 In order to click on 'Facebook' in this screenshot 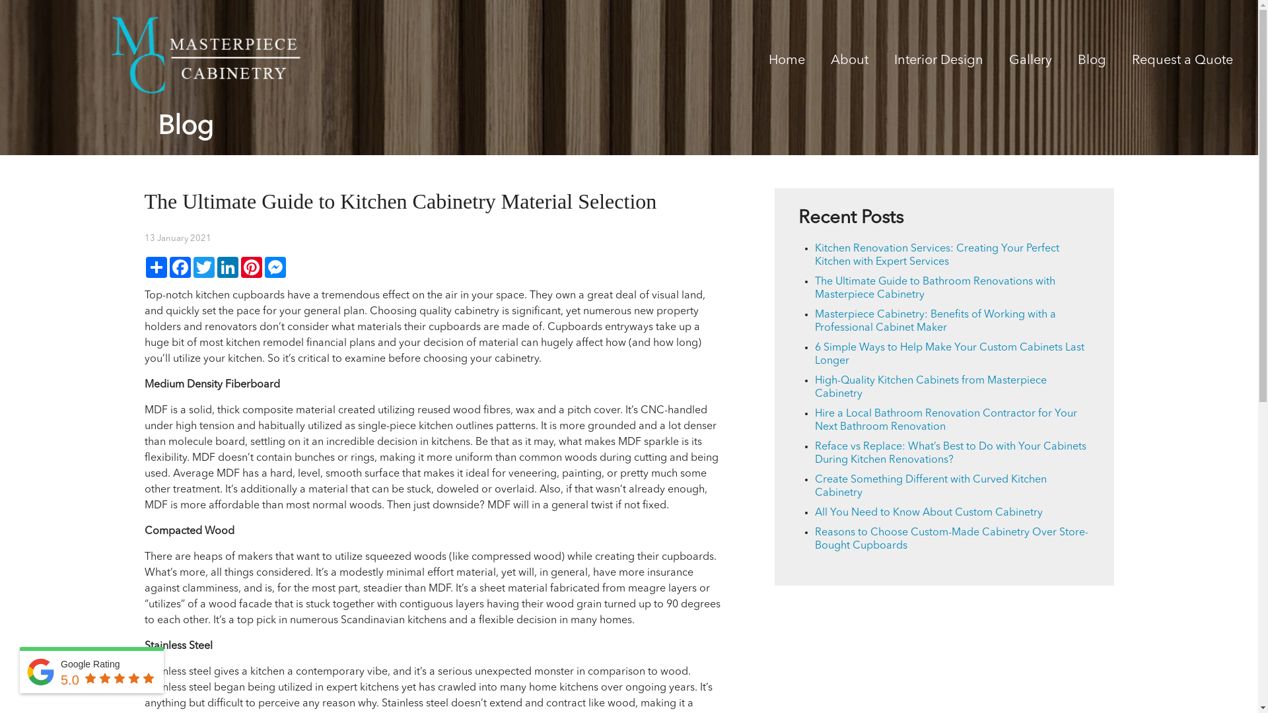, I will do `click(179, 267)`.